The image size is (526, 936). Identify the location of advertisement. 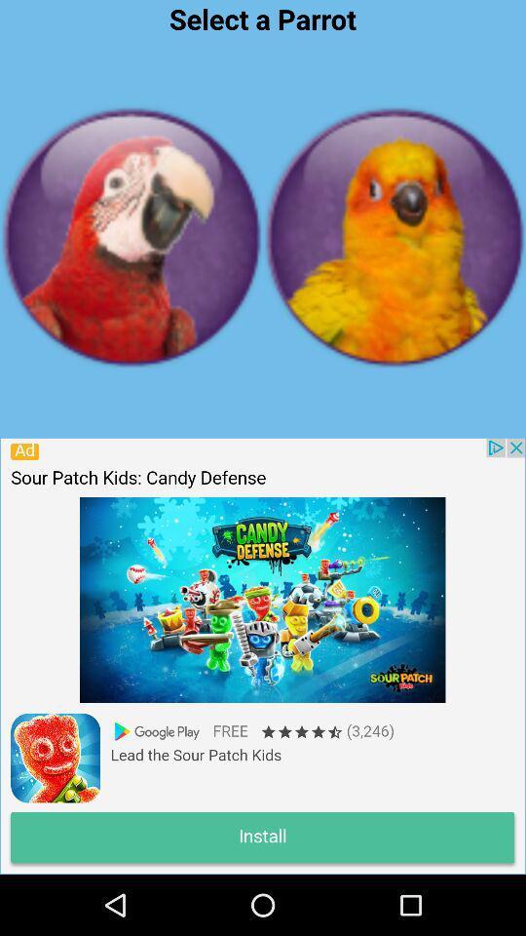
(262, 655).